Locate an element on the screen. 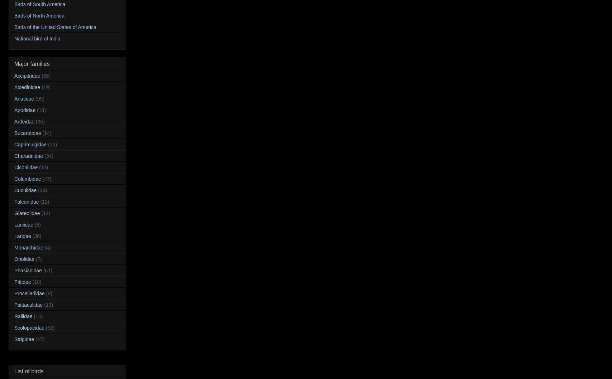 The image size is (612, 379). 'Apodidae' is located at coordinates (25, 110).